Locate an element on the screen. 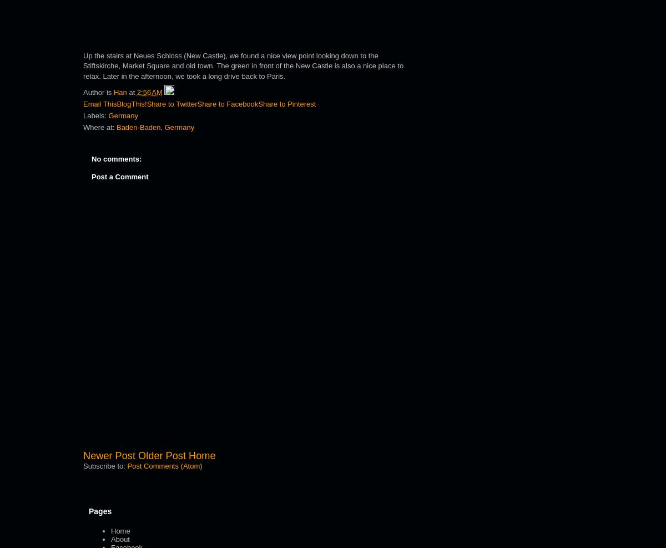 Image resolution: width=666 pixels, height=548 pixels. '2:56 AM' is located at coordinates (149, 92).